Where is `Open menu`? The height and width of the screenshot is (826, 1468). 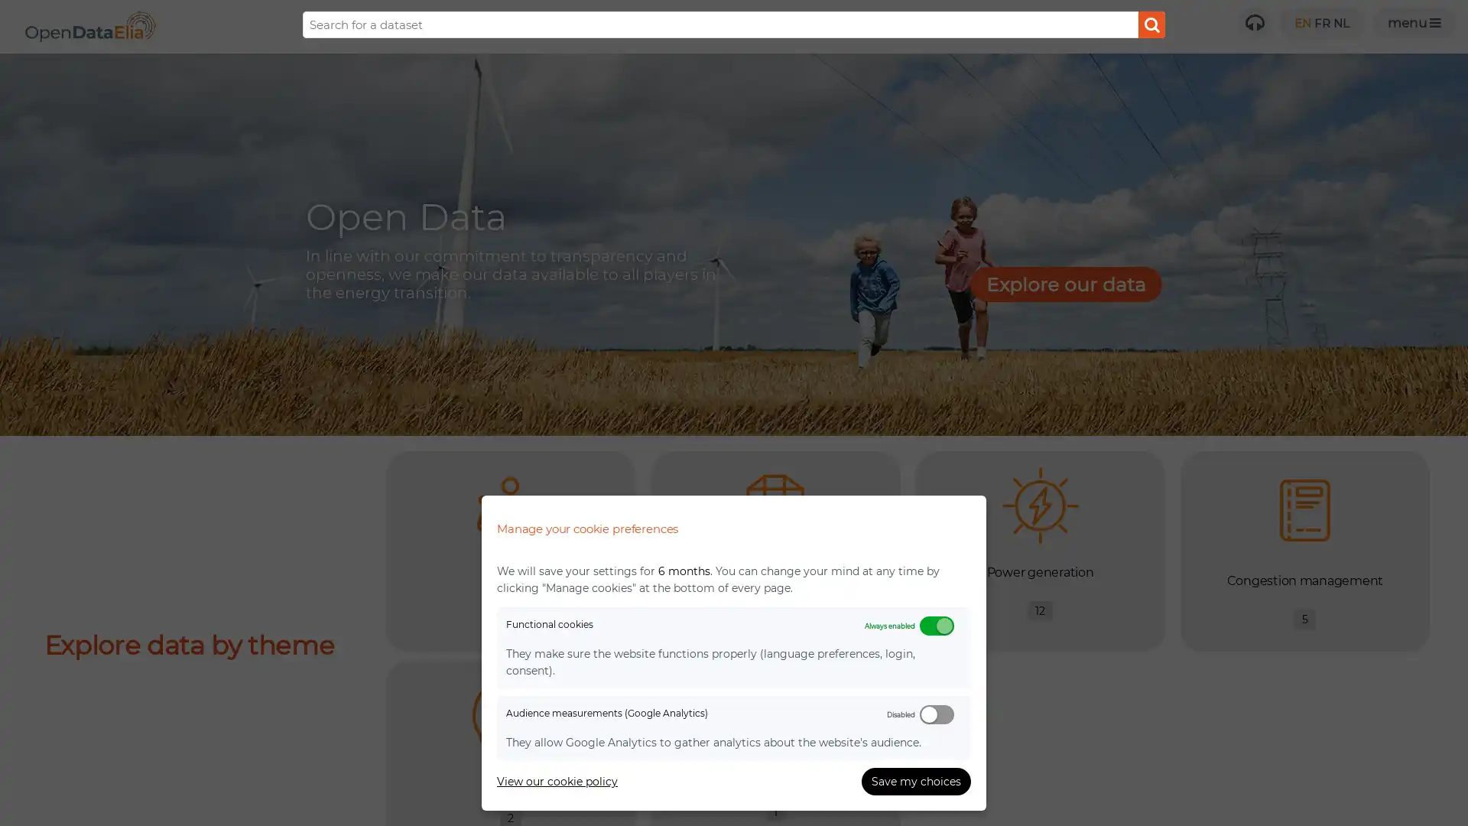 Open menu is located at coordinates (1413, 23).